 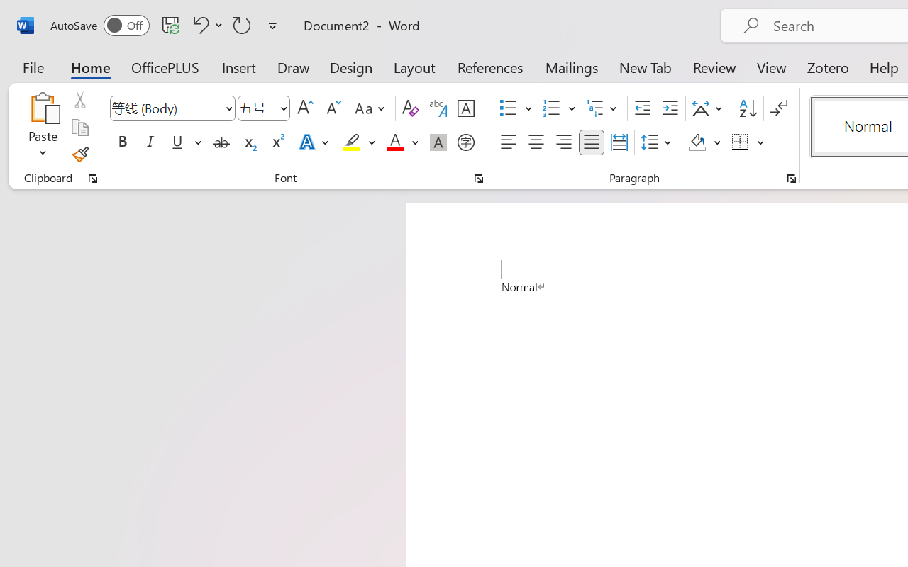 I want to click on 'New Tab', so click(x=645, y=67).